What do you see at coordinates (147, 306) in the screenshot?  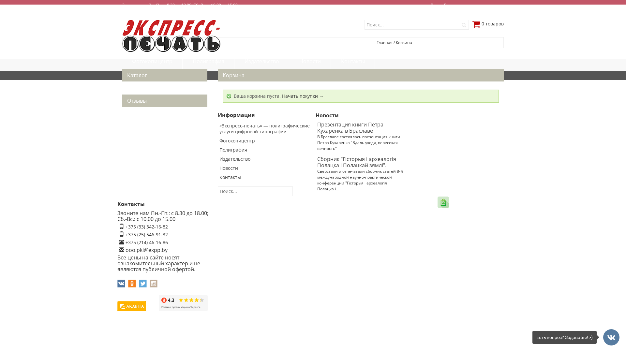 I see `'LiveInternet'` at bounding box center [147, 306].